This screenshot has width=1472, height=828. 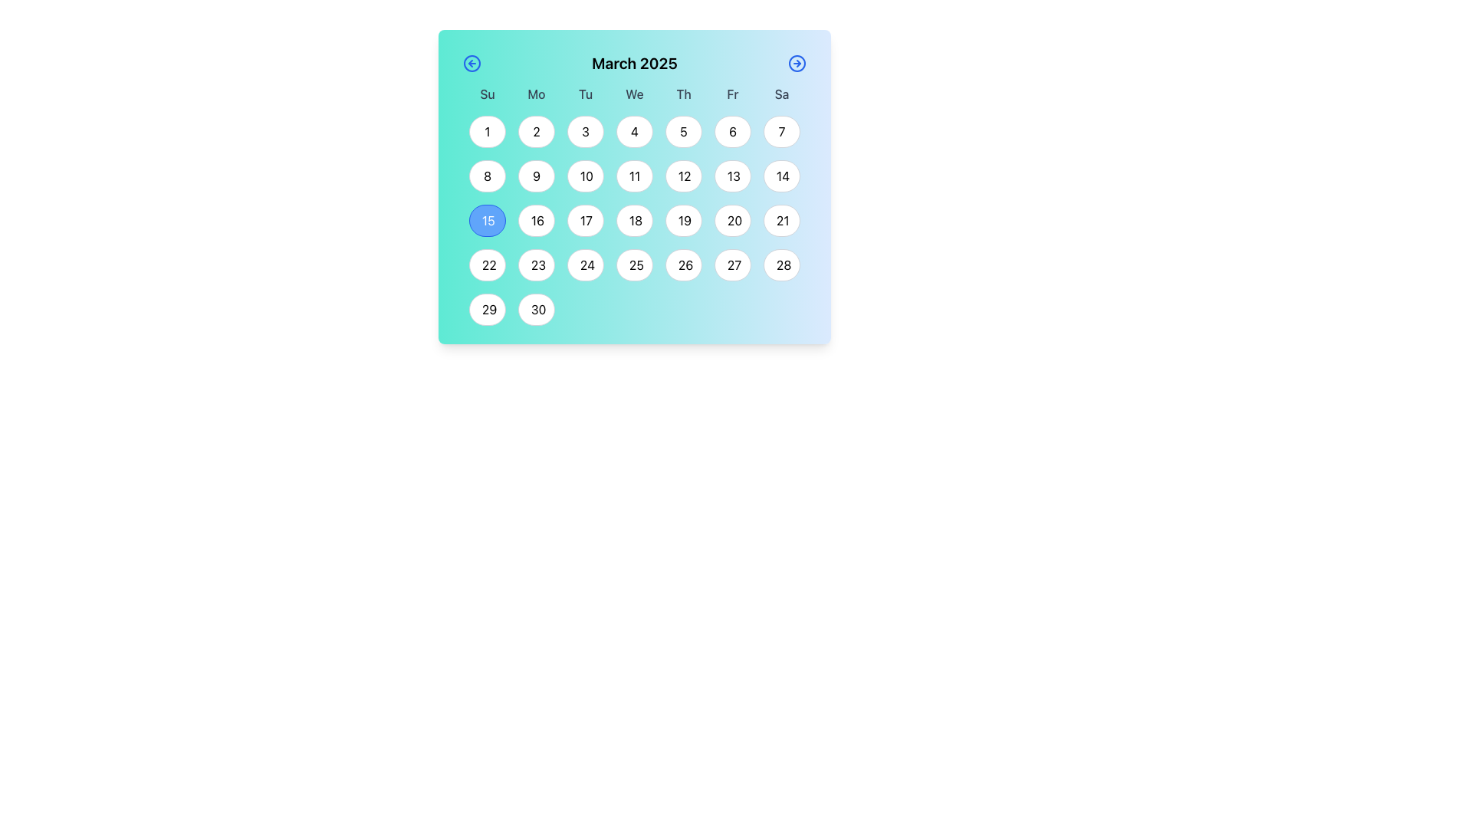 What do you see at coordinates (683, 131) in the screenshot?
I see `the button representing the fifth day of the month in the calendar UI` at bounding box center [683, 131].